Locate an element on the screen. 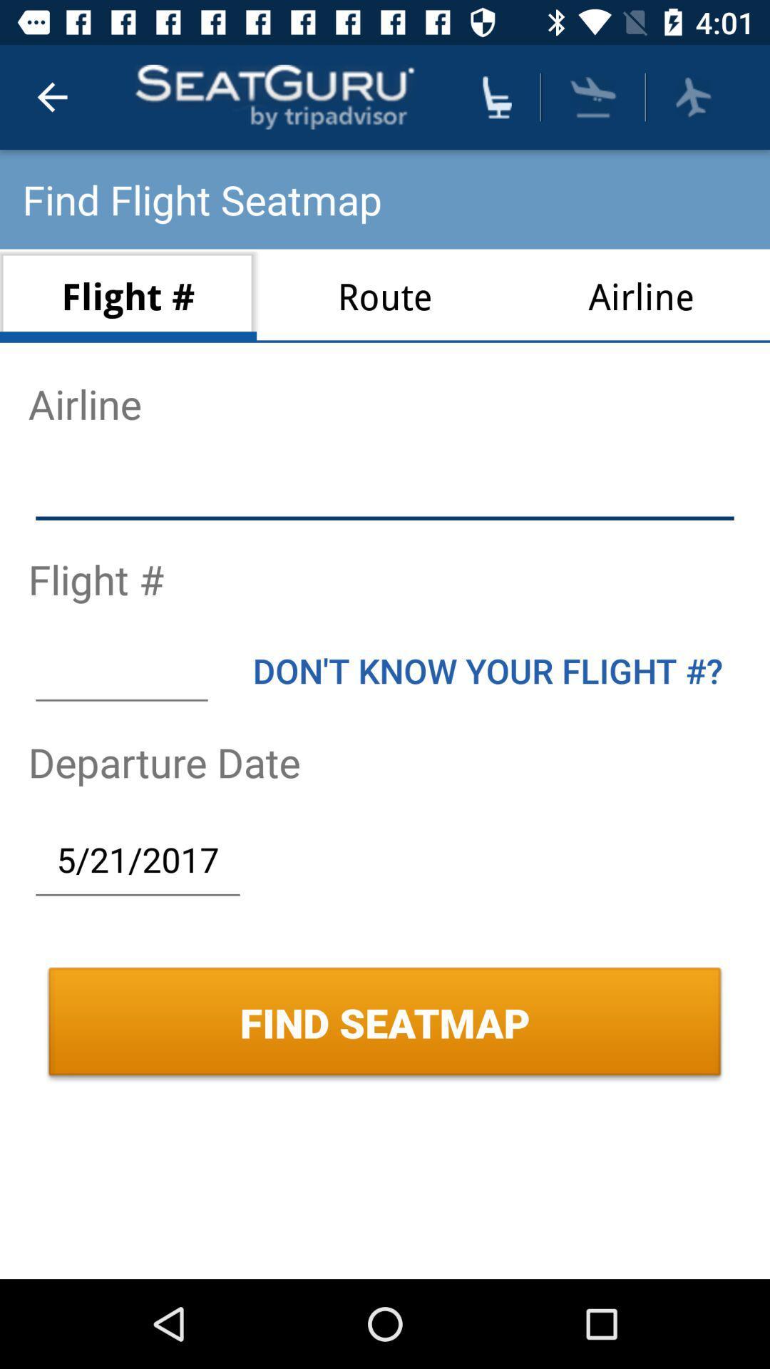  the icon below the departure date is located at coordinates (138, 858).